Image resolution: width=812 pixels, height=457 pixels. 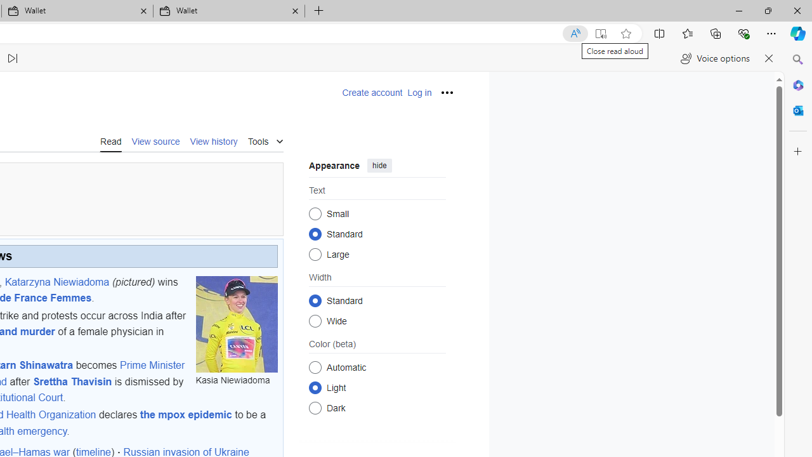 What do you see at coordinates (371, 92) in the screenshot?
I see `'Create account'` at bounding box center [371, 92].